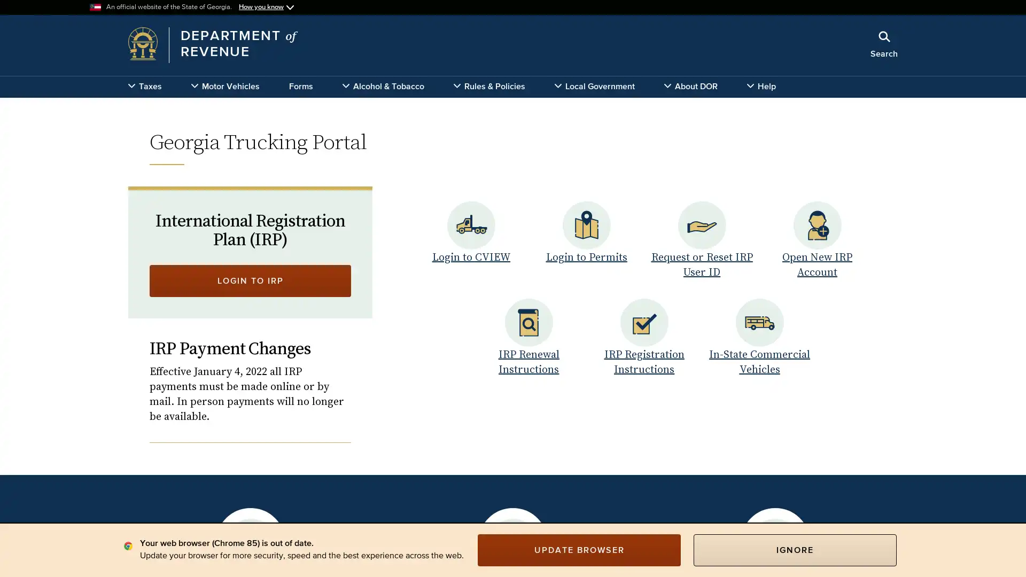 The height and width of the screenshot is (577, 1026). I want to click on Search, so click(841, 150).